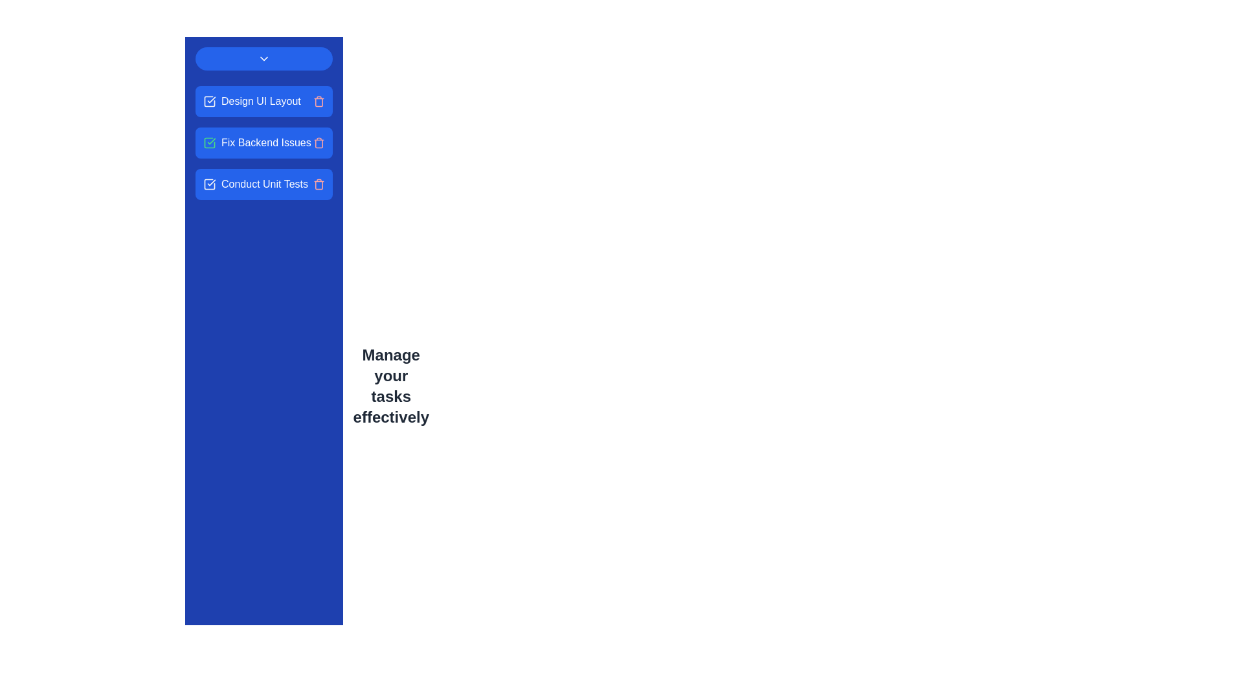  Describe the element at coordinates (255, 184) in the screenshot. I see `text of the label displaying 'Conduct Unit Tests' which is styled with a blue background and white text, located in a vertical task list` at that location.